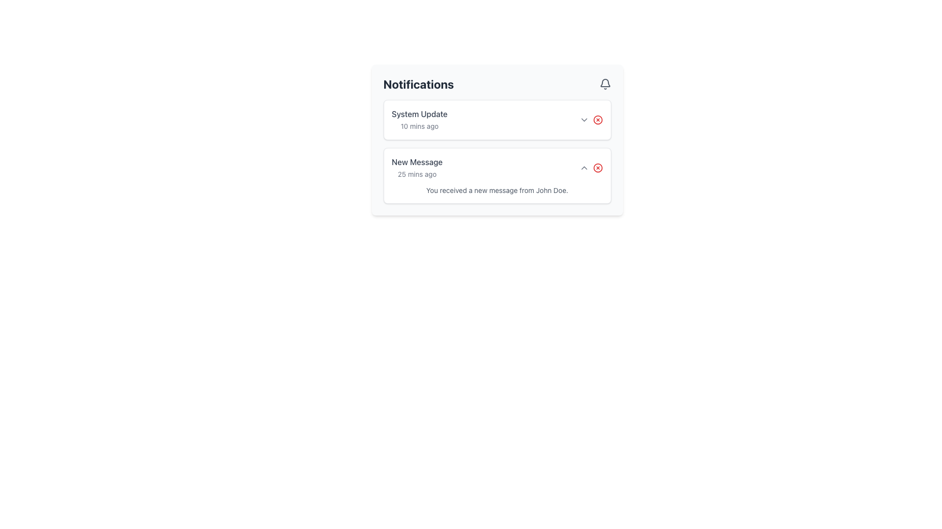 The height and width of the screenshot is (529, 942). What do you see at coordinates (497, 120) in the screenshot?
I see `the first notification item labeled 'System Update'` at bounding box center [497, 120].